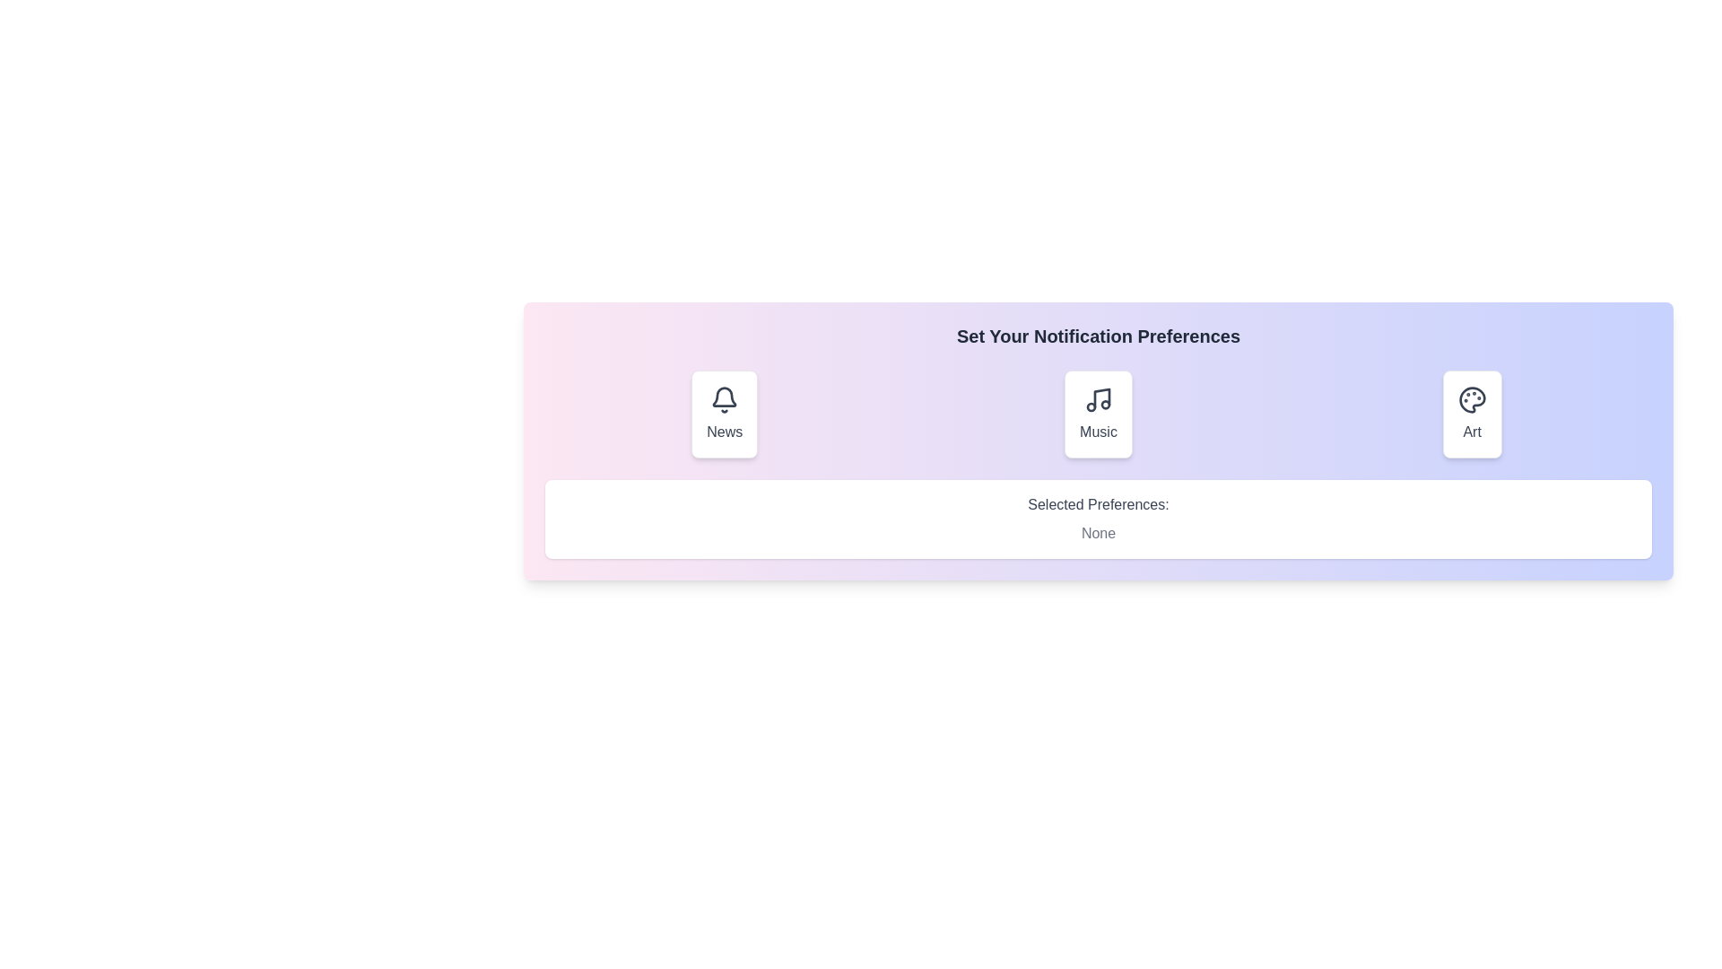  I want to click on the 'Music' category button in the middle of the grid layout to observe the hover scaling effect, so click(1097, 415).